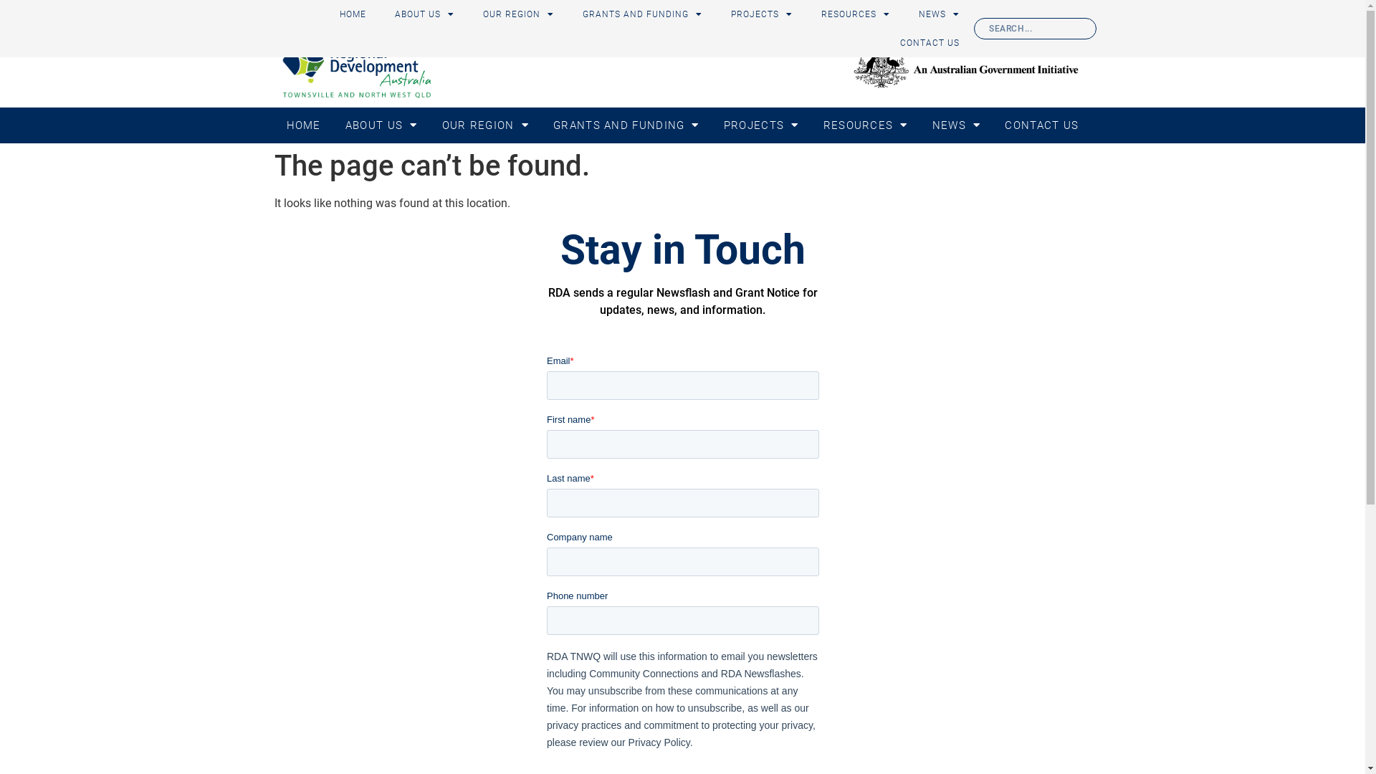 The image size is (1376, 774). I want to click on 'HOME', so click(302, 124).